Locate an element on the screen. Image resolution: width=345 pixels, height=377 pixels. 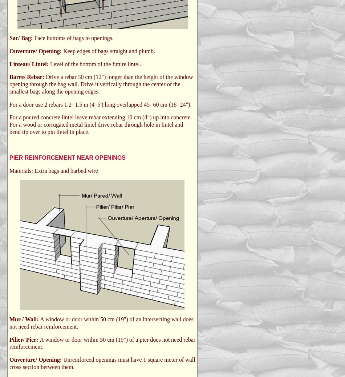
'A window or door within 50 cm (19") of an intersecting wall does not need rebar reinforcement.' is located at coordinates (101, 323).